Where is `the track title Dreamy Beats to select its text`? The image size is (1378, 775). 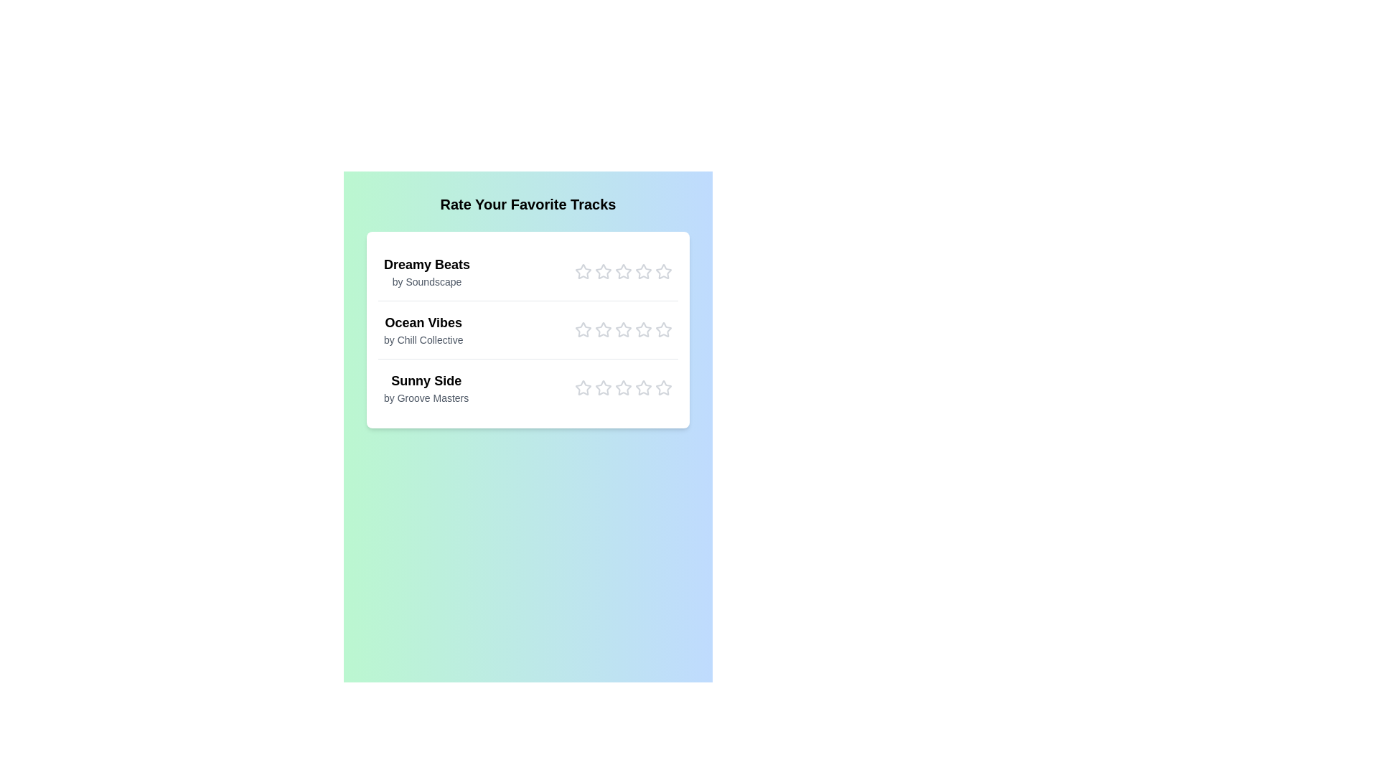
the track title Dreamy Beats to select its text is located at coordinates (426, 265).